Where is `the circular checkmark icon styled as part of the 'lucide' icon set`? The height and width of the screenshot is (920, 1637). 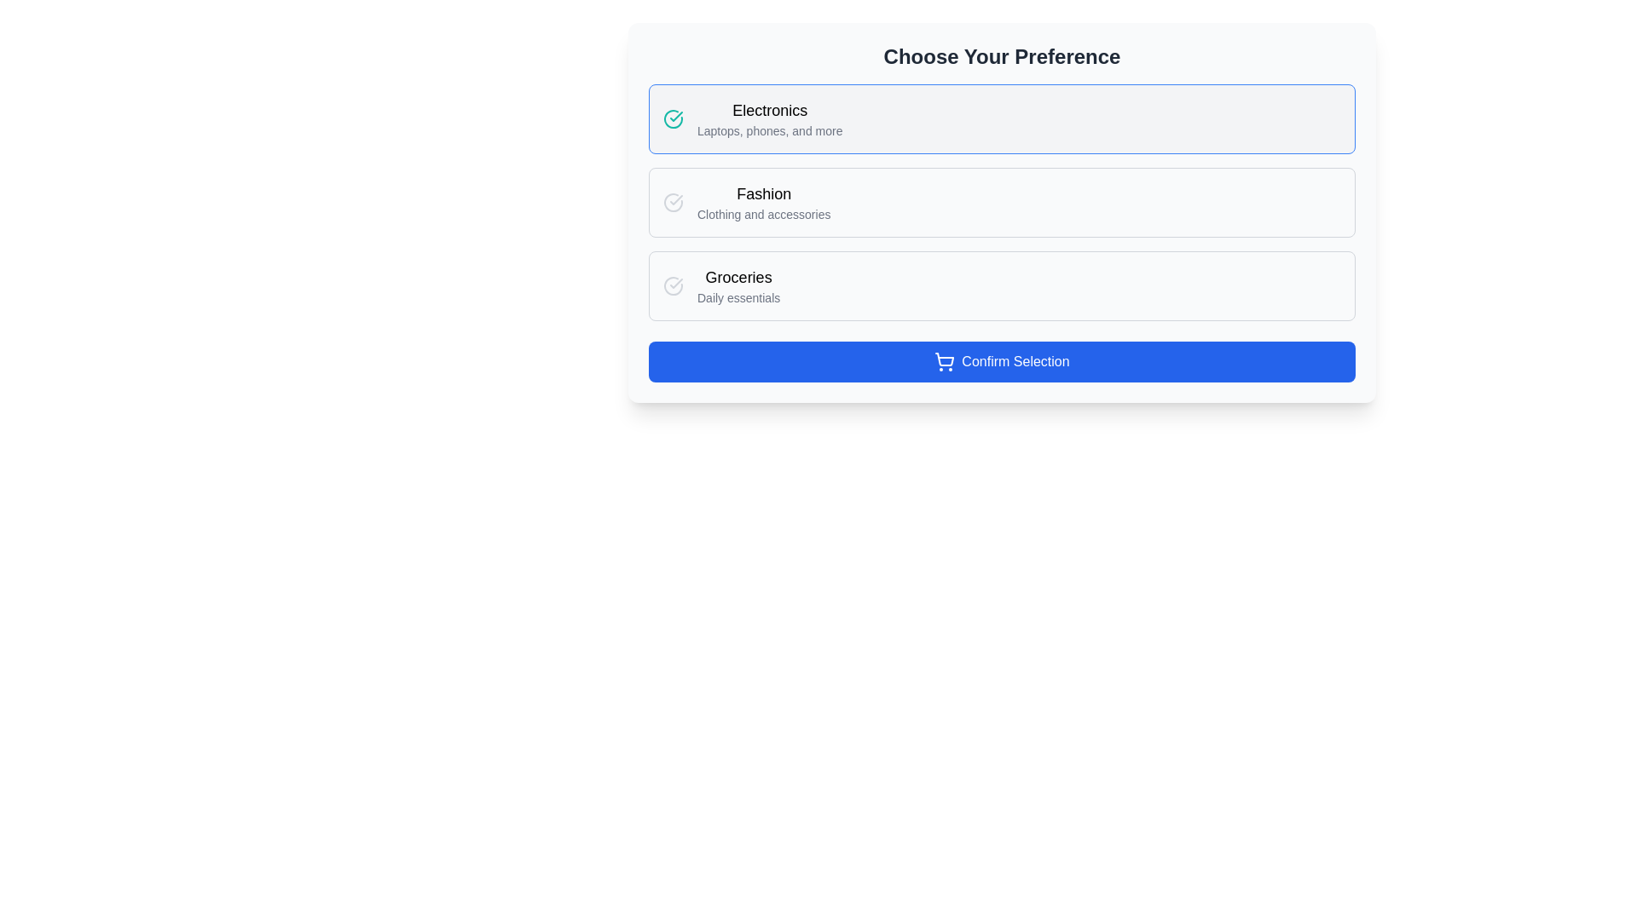
the circular checkmark icon styled as part of the 'lucide' icon set is located at coordinates (673, 202).